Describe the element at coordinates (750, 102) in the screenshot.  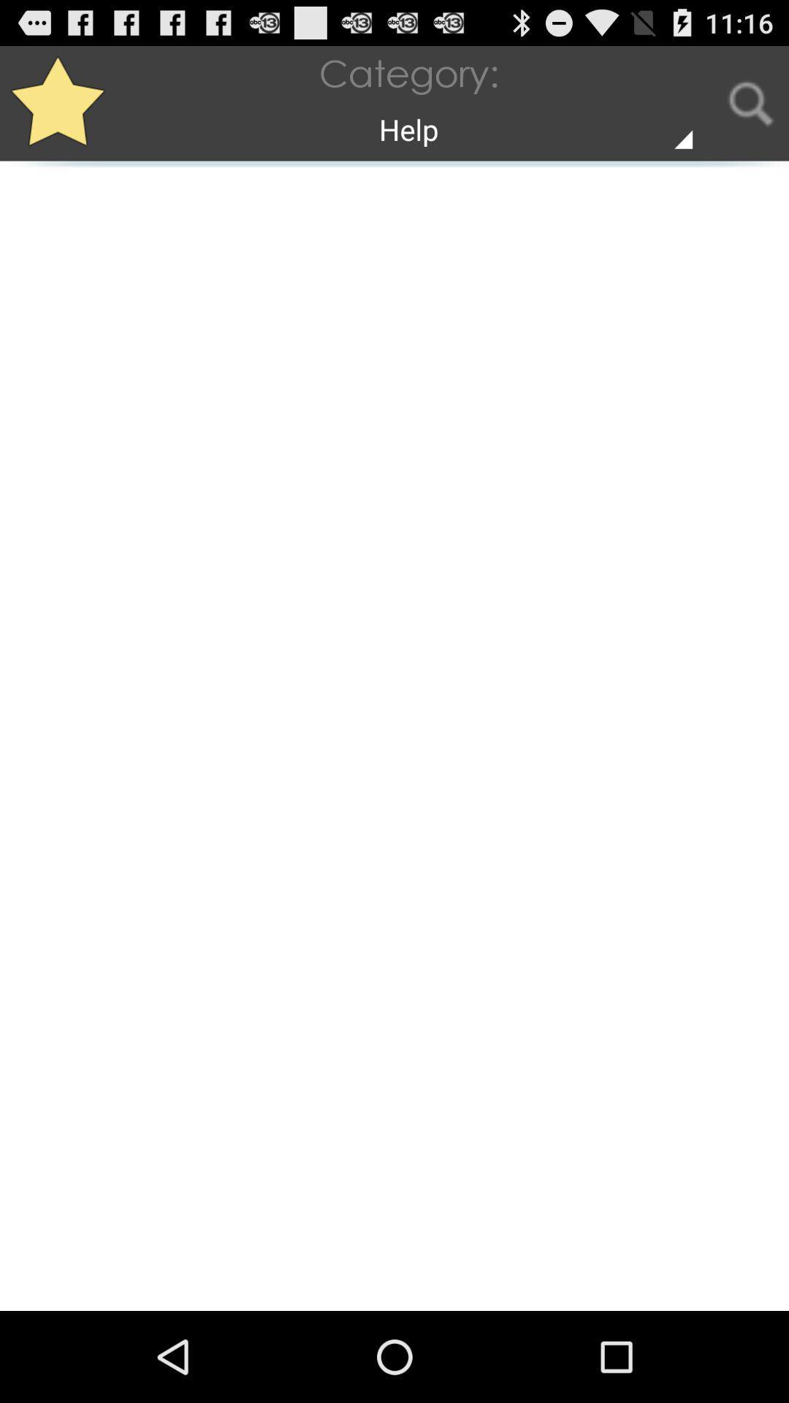
I see `search for phrases` at that location.